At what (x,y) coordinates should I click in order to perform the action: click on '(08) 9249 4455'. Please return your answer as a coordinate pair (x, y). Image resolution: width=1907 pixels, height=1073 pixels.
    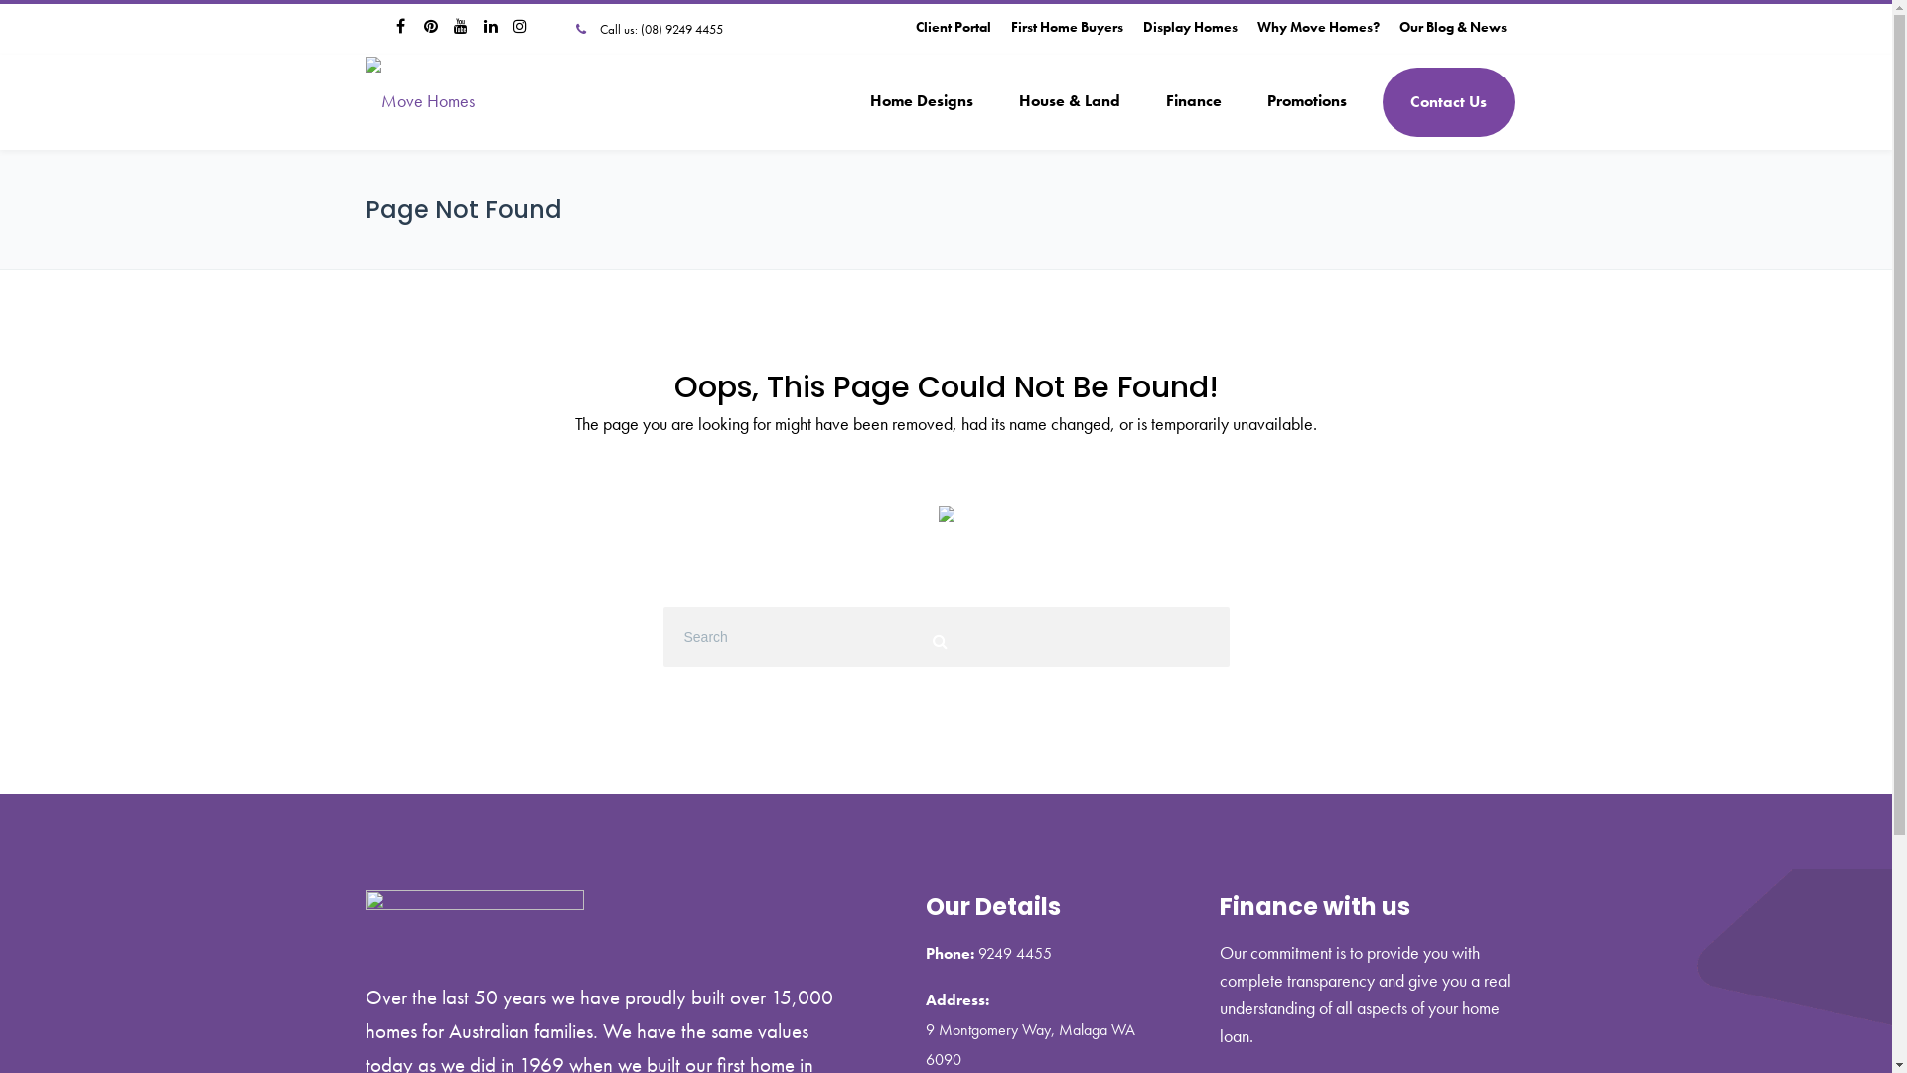
    Looking at the image, I should click on (680, 29).